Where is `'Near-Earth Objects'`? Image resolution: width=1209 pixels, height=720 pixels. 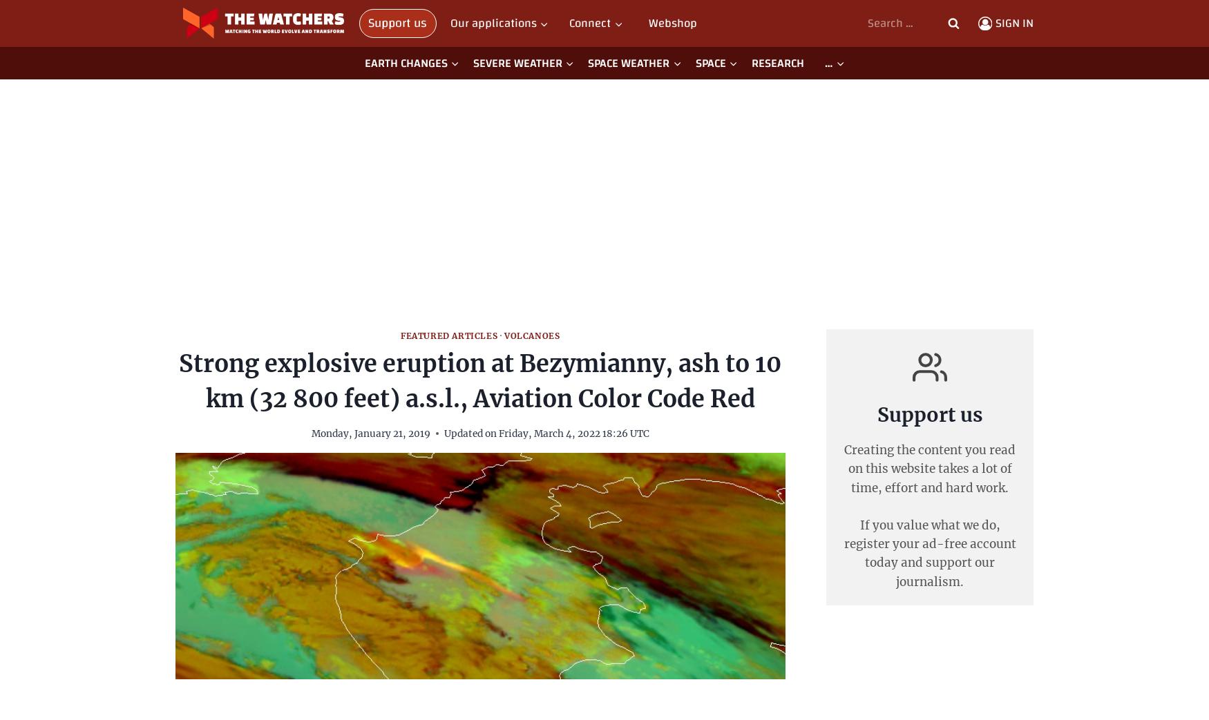 'Near-Earth Objects' is located at coordinates (406, 115).